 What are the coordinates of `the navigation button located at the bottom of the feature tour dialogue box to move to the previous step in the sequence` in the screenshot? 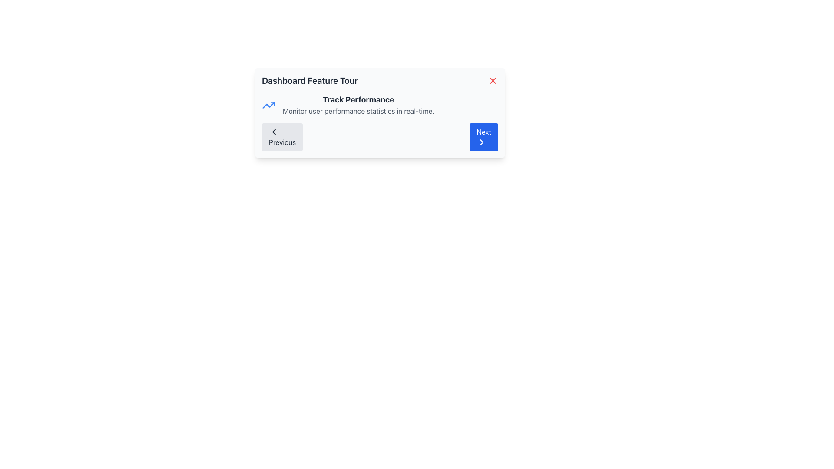 It's located at (282, 137).